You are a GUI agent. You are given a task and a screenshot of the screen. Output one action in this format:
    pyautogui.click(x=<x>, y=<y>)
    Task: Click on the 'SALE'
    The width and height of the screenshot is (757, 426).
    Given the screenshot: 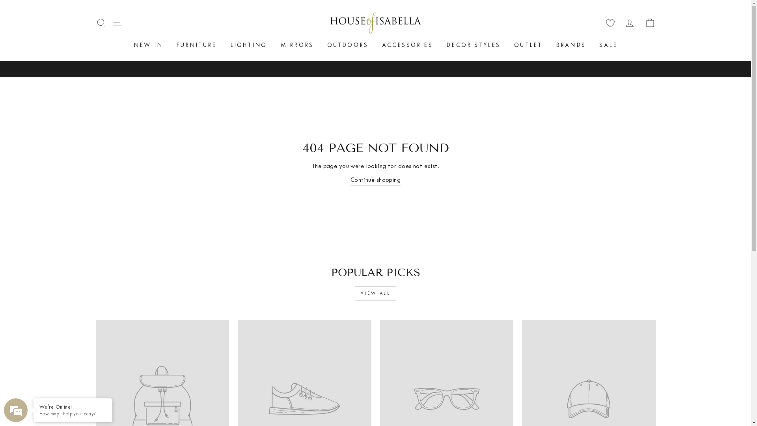 What is the action you would take?
    pyautogui.click(x=608, y=45)
    